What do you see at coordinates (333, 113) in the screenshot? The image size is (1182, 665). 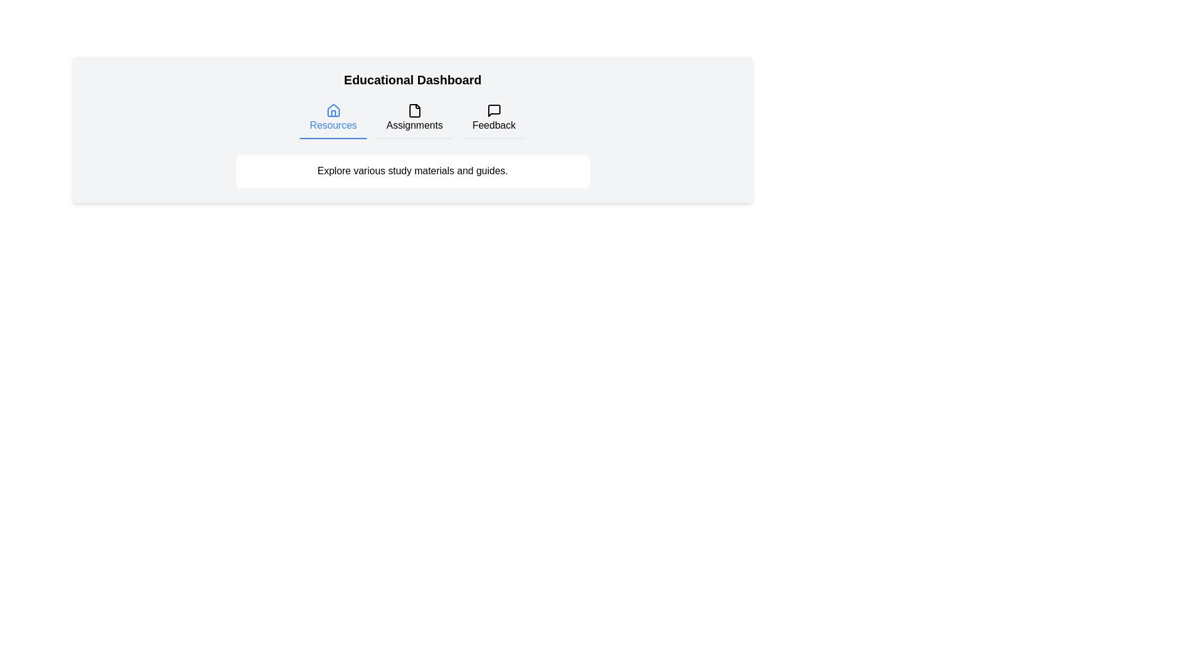 I see `the decorative house door icon in the 'Resources' tab, which serves to visually indicate the purpose of the tab` at bounding box center [333, 113].